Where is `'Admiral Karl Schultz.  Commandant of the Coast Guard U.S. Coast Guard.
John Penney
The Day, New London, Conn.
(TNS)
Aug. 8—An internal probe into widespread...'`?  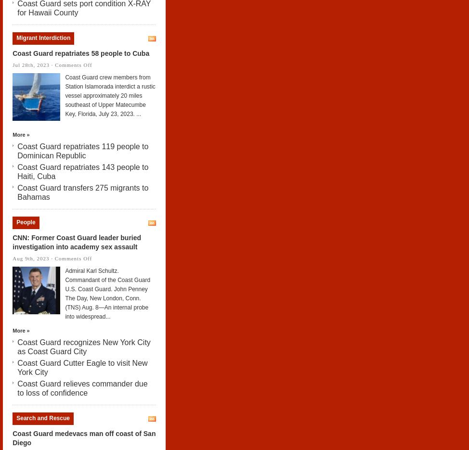
'Admiral Karl Schultz.  Commandant of the Coast Guard U.S. Coast Guard.
John Penney
The Day, New London, Conn.
(TNS)
Aug. 8—An internal probe into widespread...' is located at coordinates (64, 293).